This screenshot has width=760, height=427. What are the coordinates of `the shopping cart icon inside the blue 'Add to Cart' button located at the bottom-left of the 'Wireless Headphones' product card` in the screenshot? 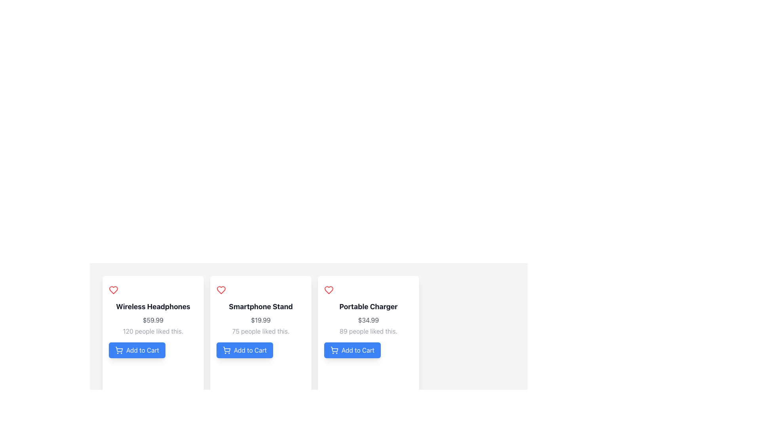 It's located at (119, 350).